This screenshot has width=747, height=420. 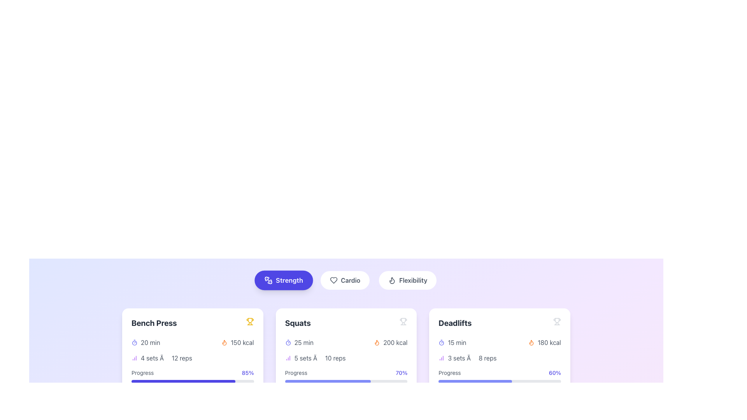 I want to click on the static text label showing the progress percentage value for the 'Bench Press' workout activity, located in the lower-right corner of the first workout card, so click(x=247, y=373).